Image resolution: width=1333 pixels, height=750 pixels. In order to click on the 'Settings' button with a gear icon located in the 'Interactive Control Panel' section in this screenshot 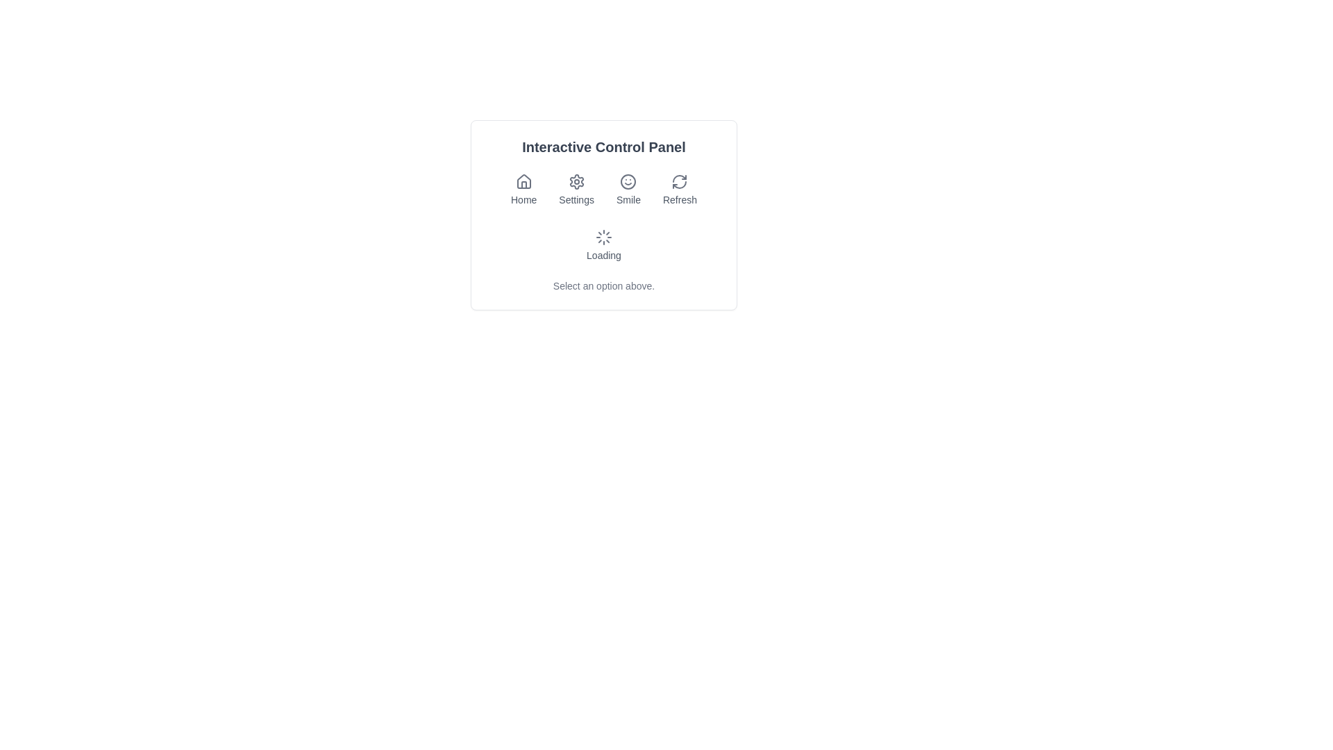, I will do `click(576, 190)`.